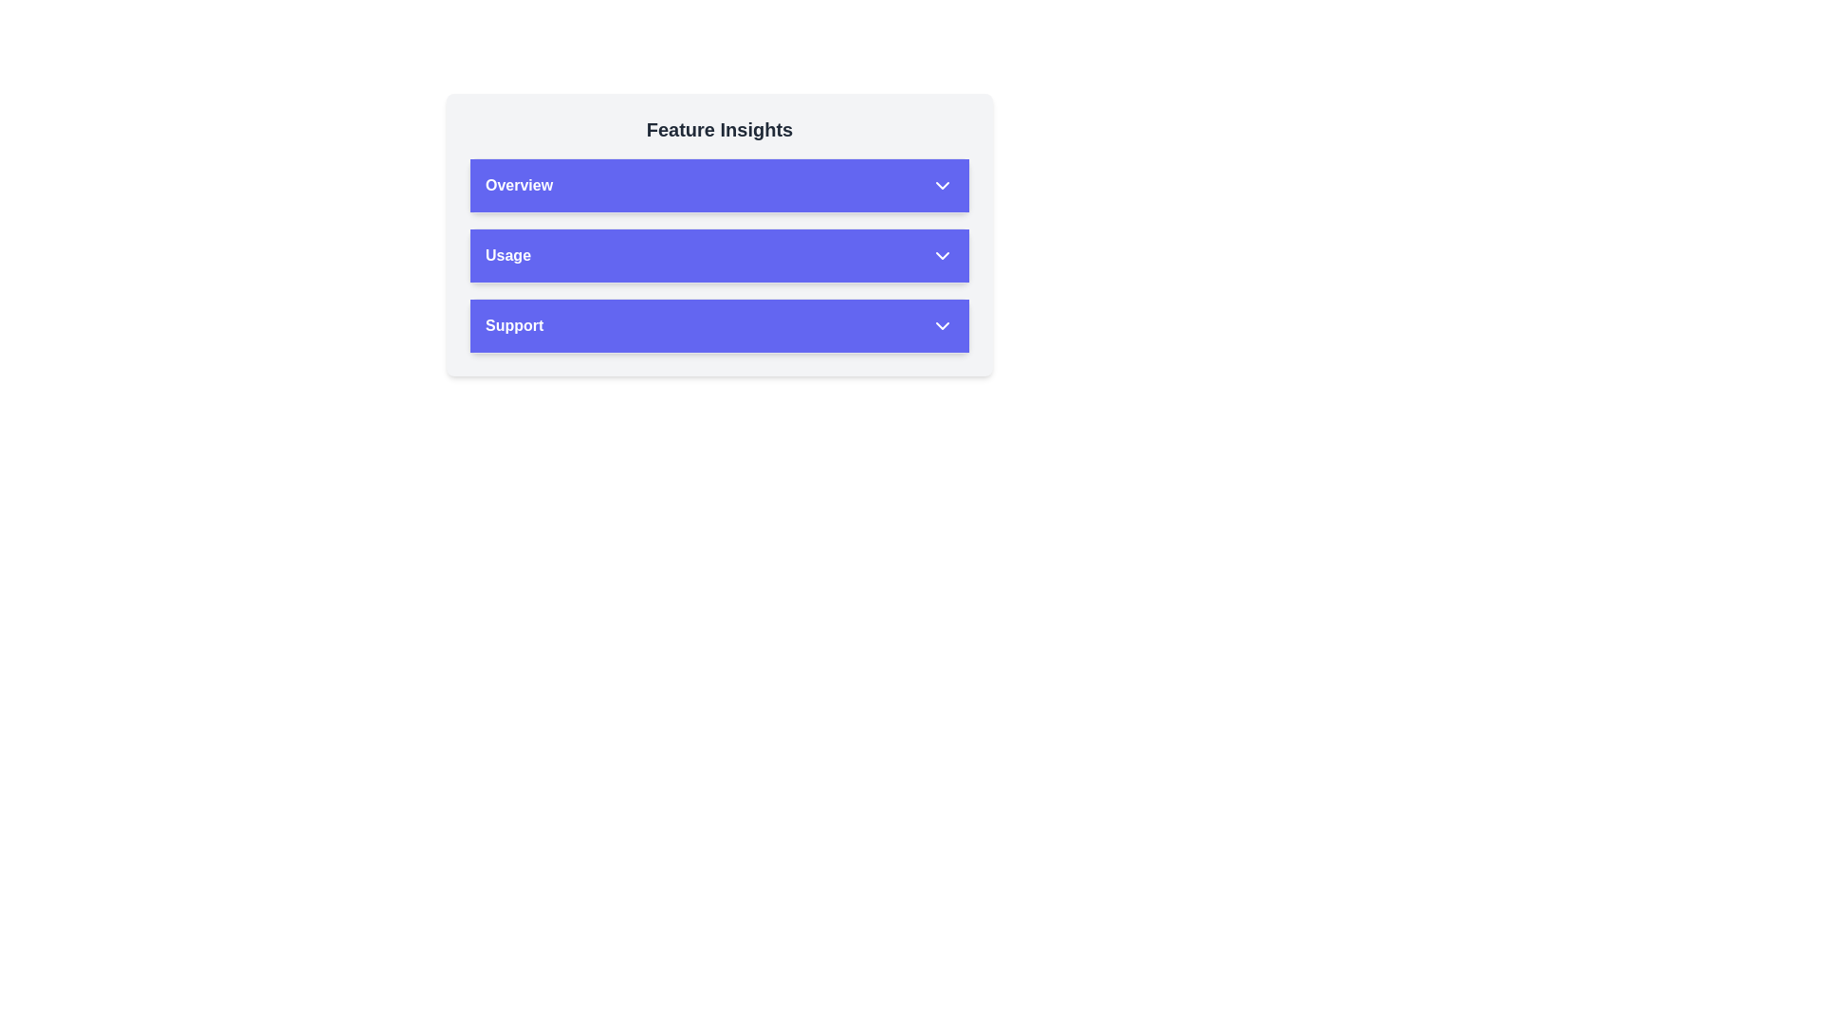 The height and width of the screenshot is (1024, 1821). Describe the element at coordinates (942, 256) in the screenshot. I see `the second dropdown indicator icon within the 'Usage' header in the 'Feature Insights' section` at that location.